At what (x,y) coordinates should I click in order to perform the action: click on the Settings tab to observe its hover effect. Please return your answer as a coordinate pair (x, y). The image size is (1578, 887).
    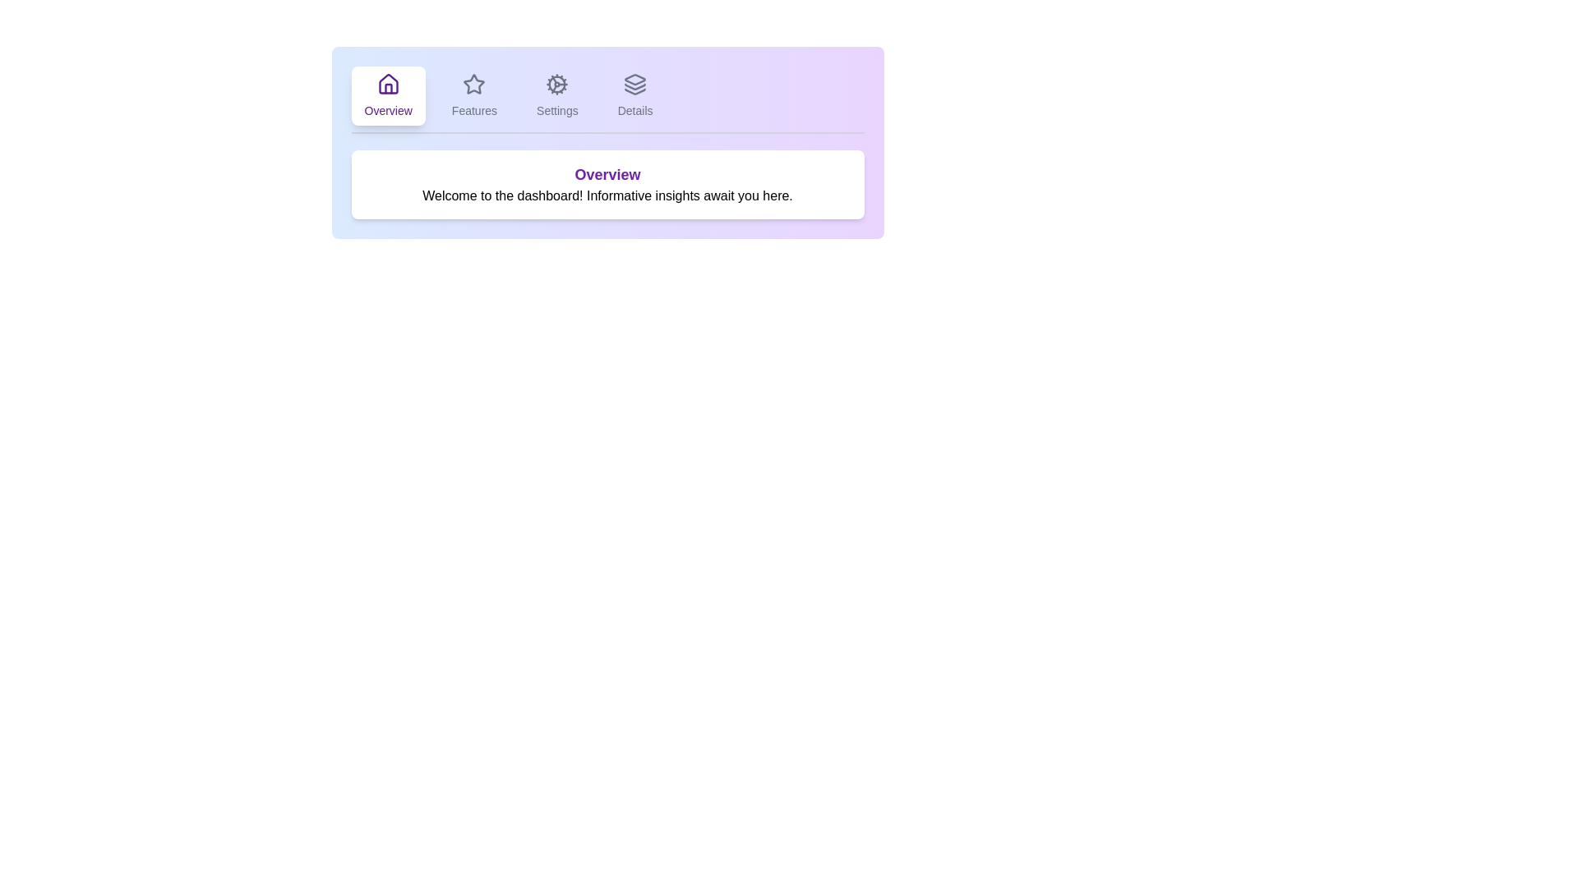
    Looking at the image, I should click on (557, 95).